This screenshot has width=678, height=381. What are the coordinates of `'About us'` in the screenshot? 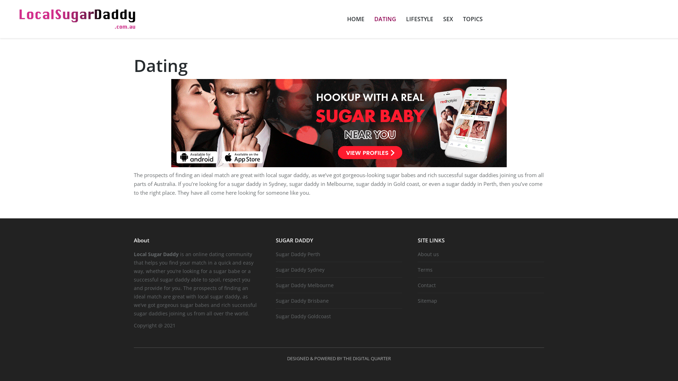 It's located at (430, 254).